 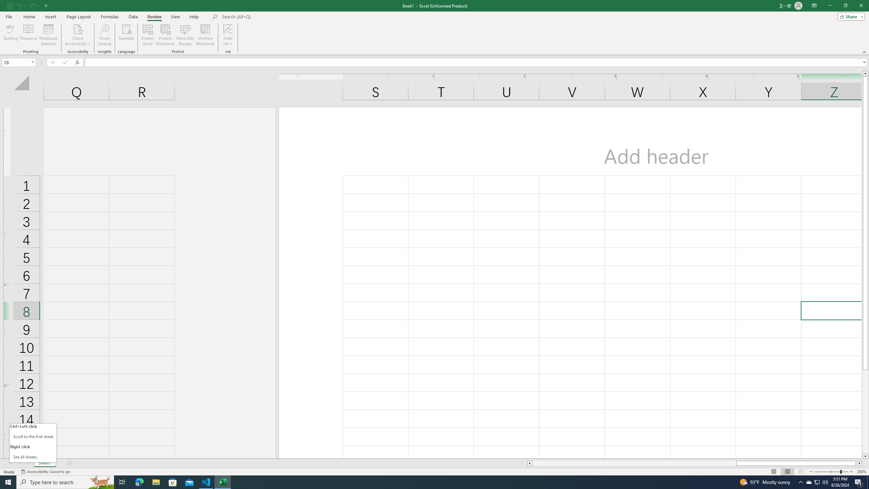 What do you see at coordinates (10, 35) in the screenshot?
I see `'Spelling...'` at bounding box center [10, 35].